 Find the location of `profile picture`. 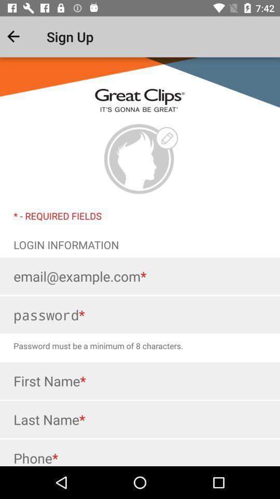

profile picture is located at coordinates (139, 159).